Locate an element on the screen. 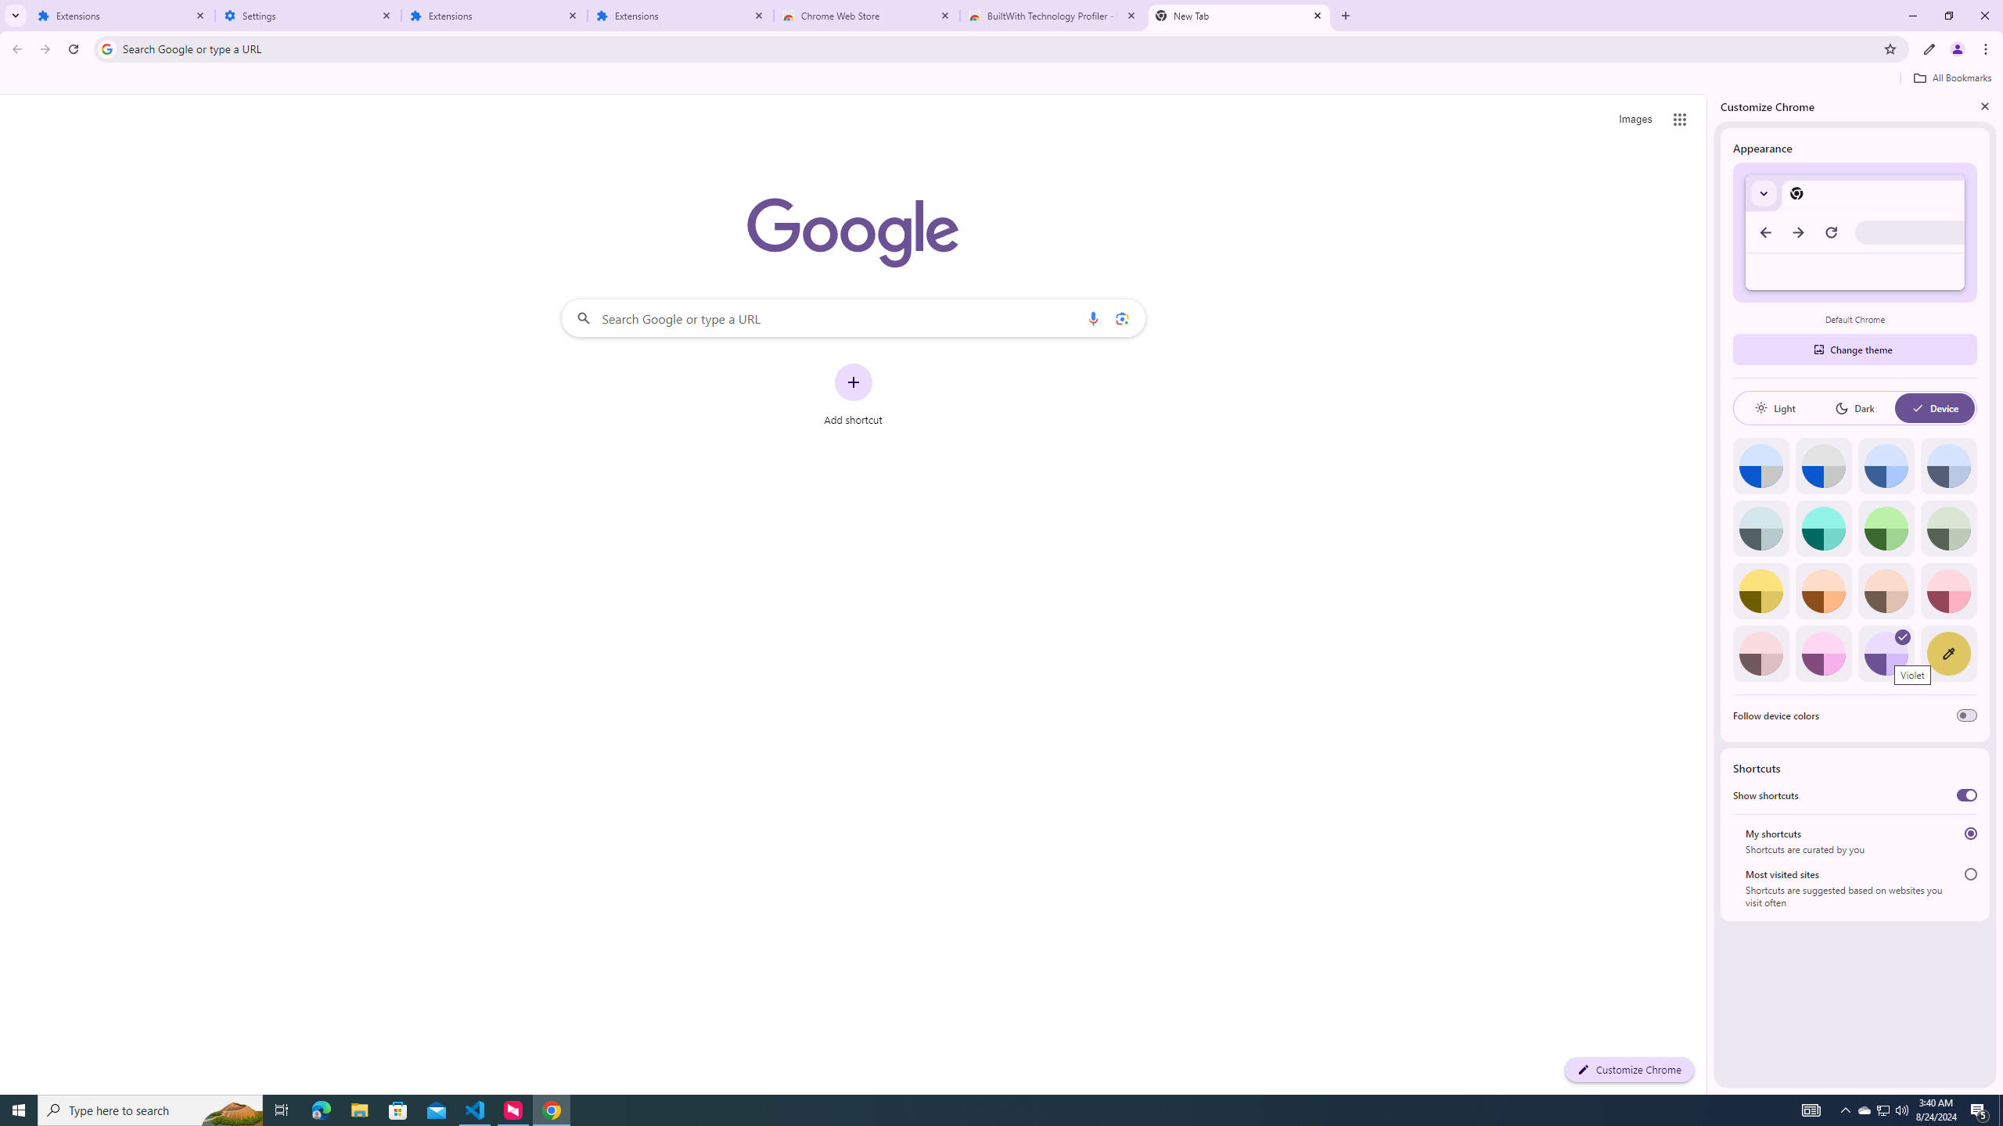 Image resolution: width=2003 pixels, height=1126 pixels. 'Cool grey' is located at coordinates (1948, 465).